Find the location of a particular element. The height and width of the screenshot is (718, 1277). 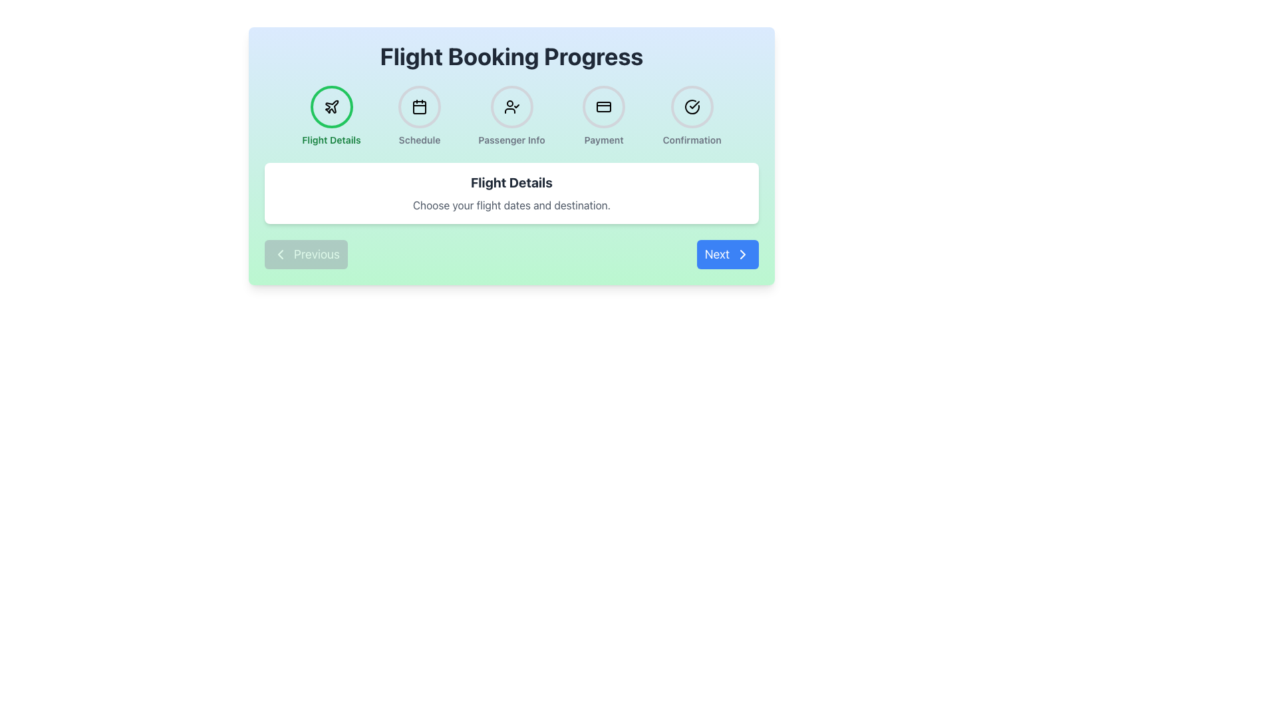

the black airplane icon located in the first position from the left in the set of progress indicators at the top of the interface is located at coordinates (331, 106).